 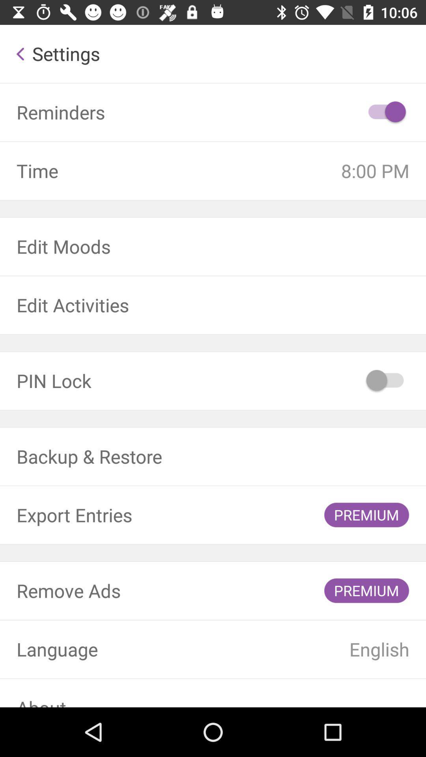 I want to click on pin lock, so click(x=385, y=380).